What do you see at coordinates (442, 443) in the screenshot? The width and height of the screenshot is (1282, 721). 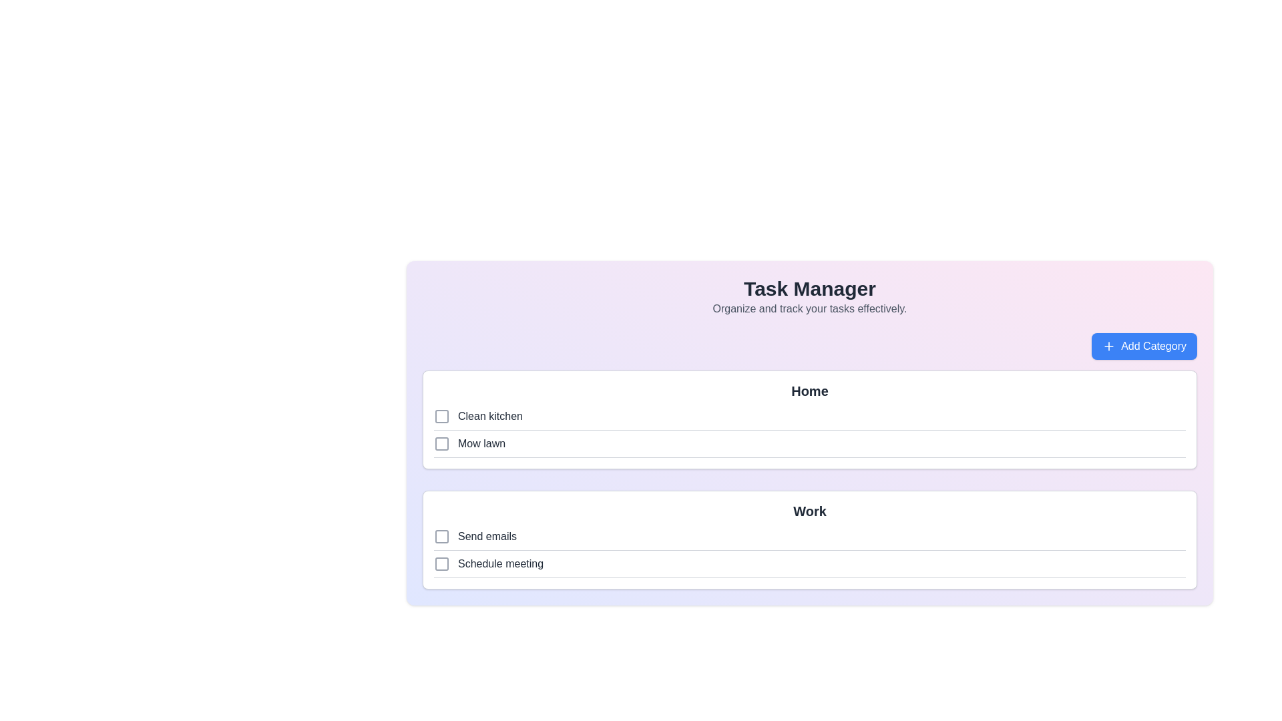 I see `the checkbox indicator within the SVG element` at bounding box center [442, 443].